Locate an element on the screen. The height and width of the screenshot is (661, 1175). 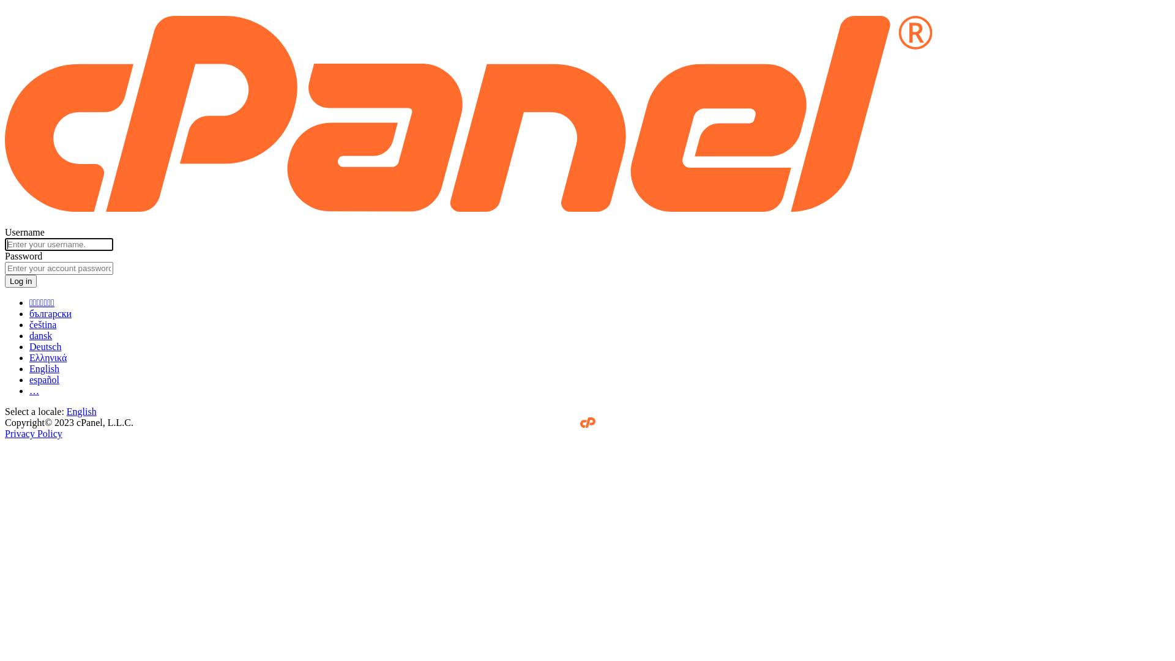
'dansk' is located at coordinates (40, 335).